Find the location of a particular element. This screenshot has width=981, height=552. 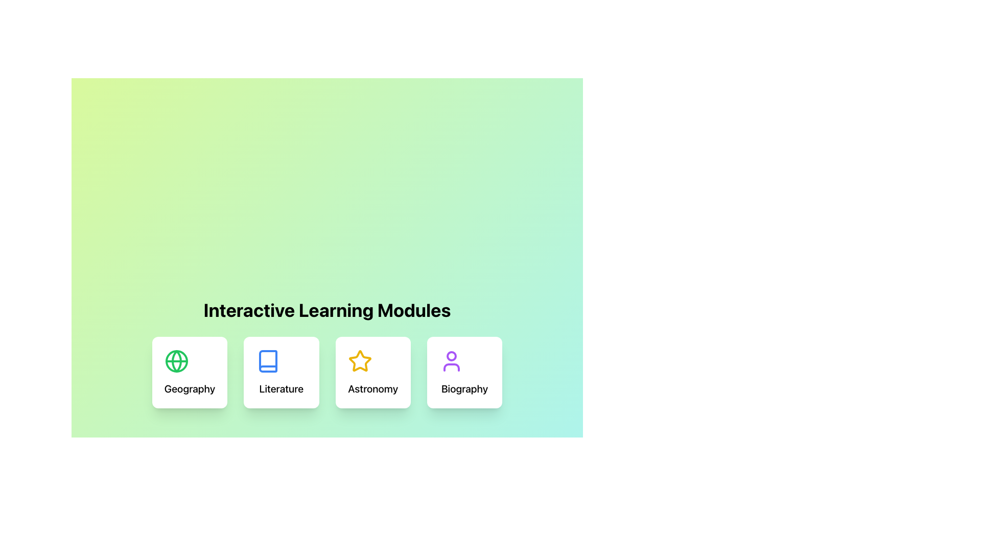

the static text element displaying 'Geography', which is positioned at the bottom of a card and located below a globe icon is located at coordinates (190, 388).